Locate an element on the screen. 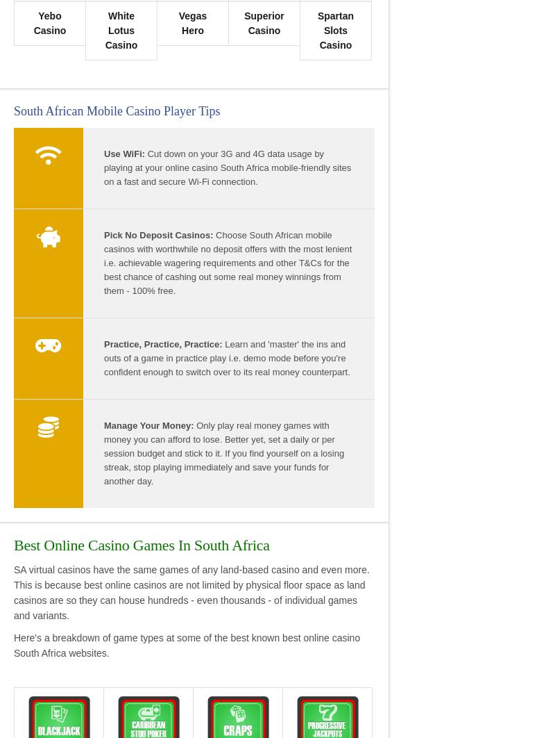 This screenshot has width=555, height=738. 'Choose South African mobile casinos with worthwhile no deposit offers with the most lenient i.e. achievable wagering requirements and other T&Cs for the best chance of cashing out some real money winnings from them - 100% free.' is located at coordinates (227, 261).